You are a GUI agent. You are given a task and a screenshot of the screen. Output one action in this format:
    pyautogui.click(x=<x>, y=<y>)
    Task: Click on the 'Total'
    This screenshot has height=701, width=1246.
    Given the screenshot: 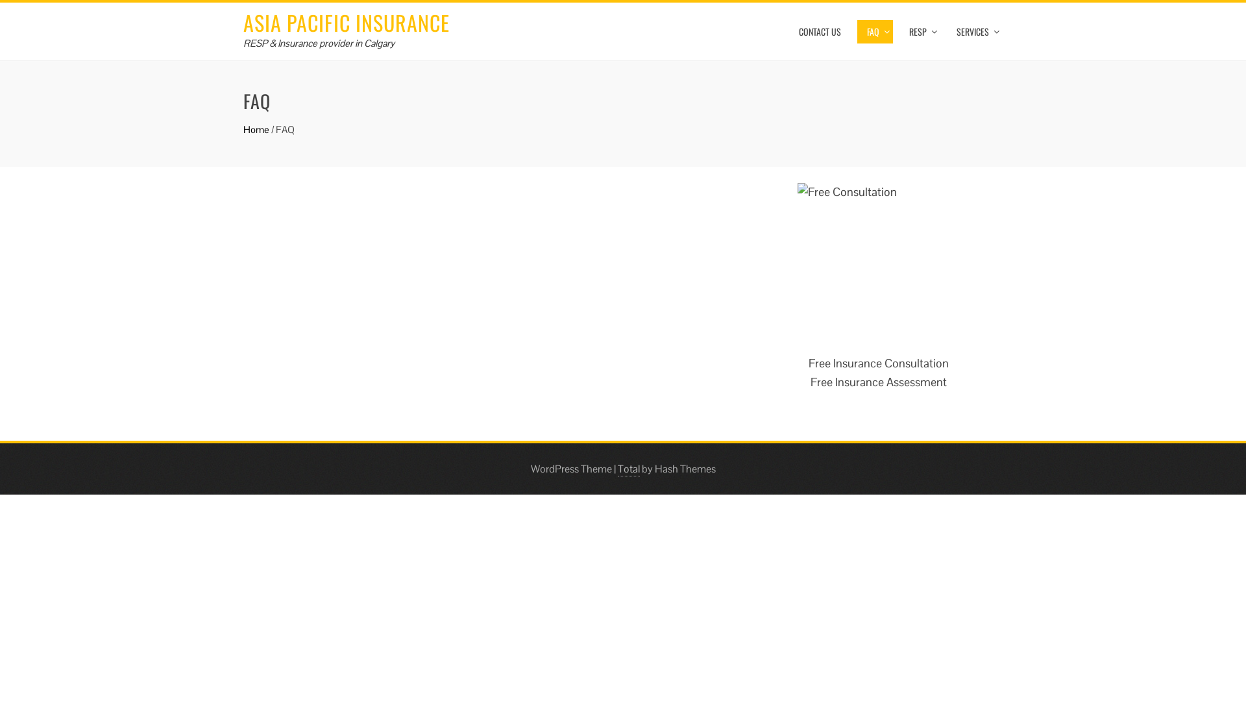 What is the action you would take?
    pyautogui.click(x=629, y=469)
    